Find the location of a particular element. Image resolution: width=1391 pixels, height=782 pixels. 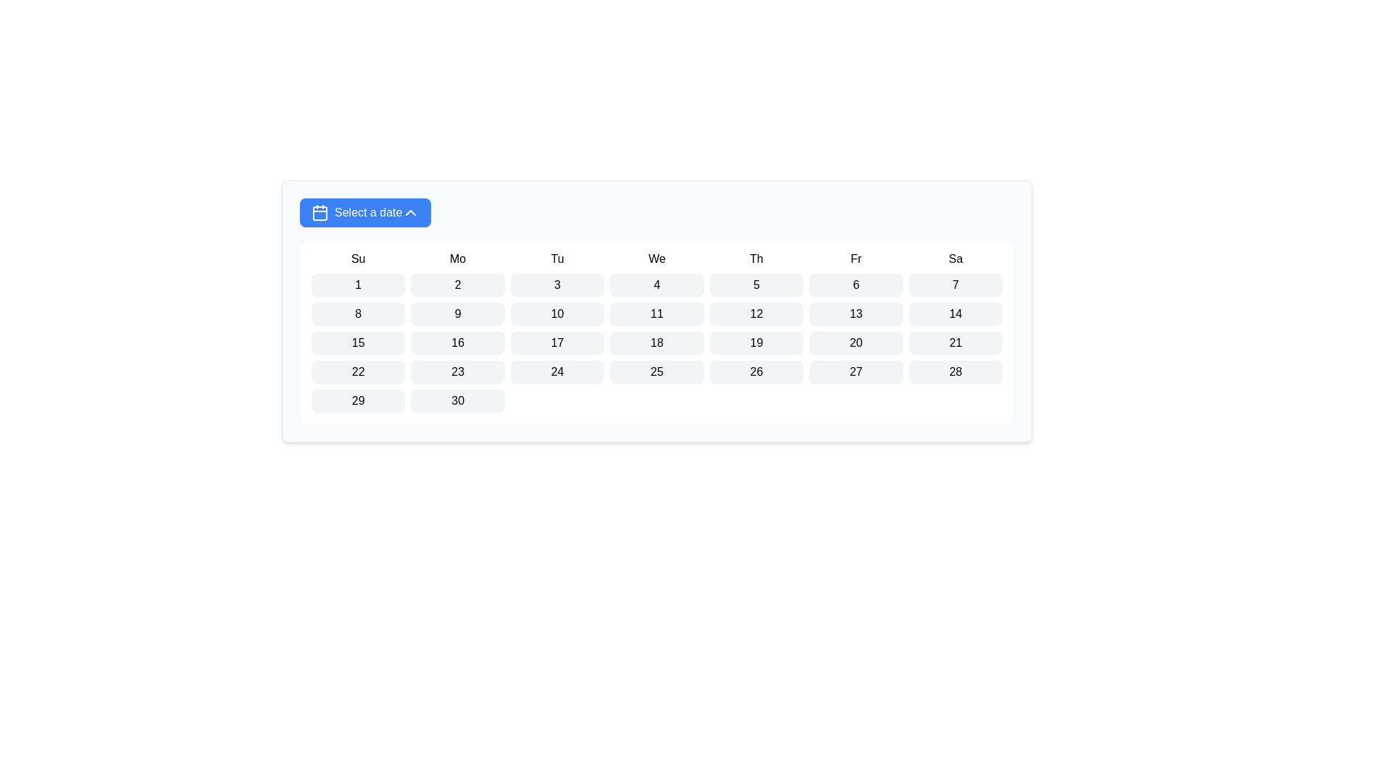

the button displaying the number '16' in black text on a light gray background is located at coordinates (457, 343).